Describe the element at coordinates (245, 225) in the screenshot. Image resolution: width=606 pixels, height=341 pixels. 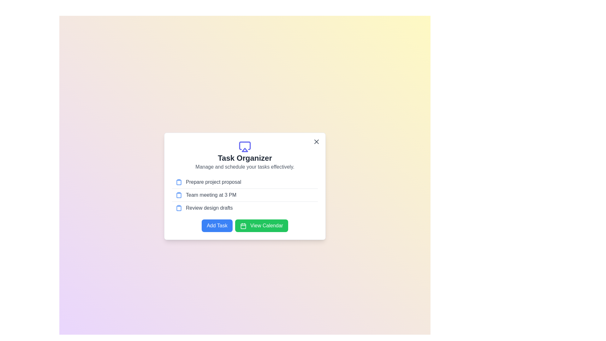
I see `the 'View Calendar' button` at that location.